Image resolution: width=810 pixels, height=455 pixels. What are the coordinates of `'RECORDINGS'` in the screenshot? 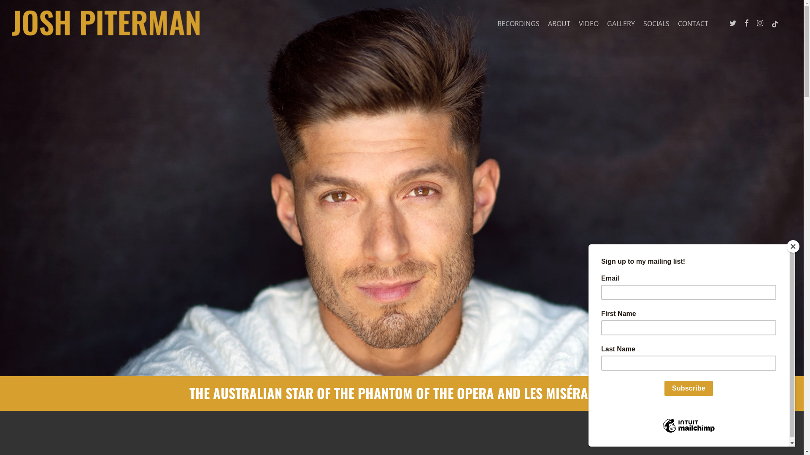 It's located at (518, 23).